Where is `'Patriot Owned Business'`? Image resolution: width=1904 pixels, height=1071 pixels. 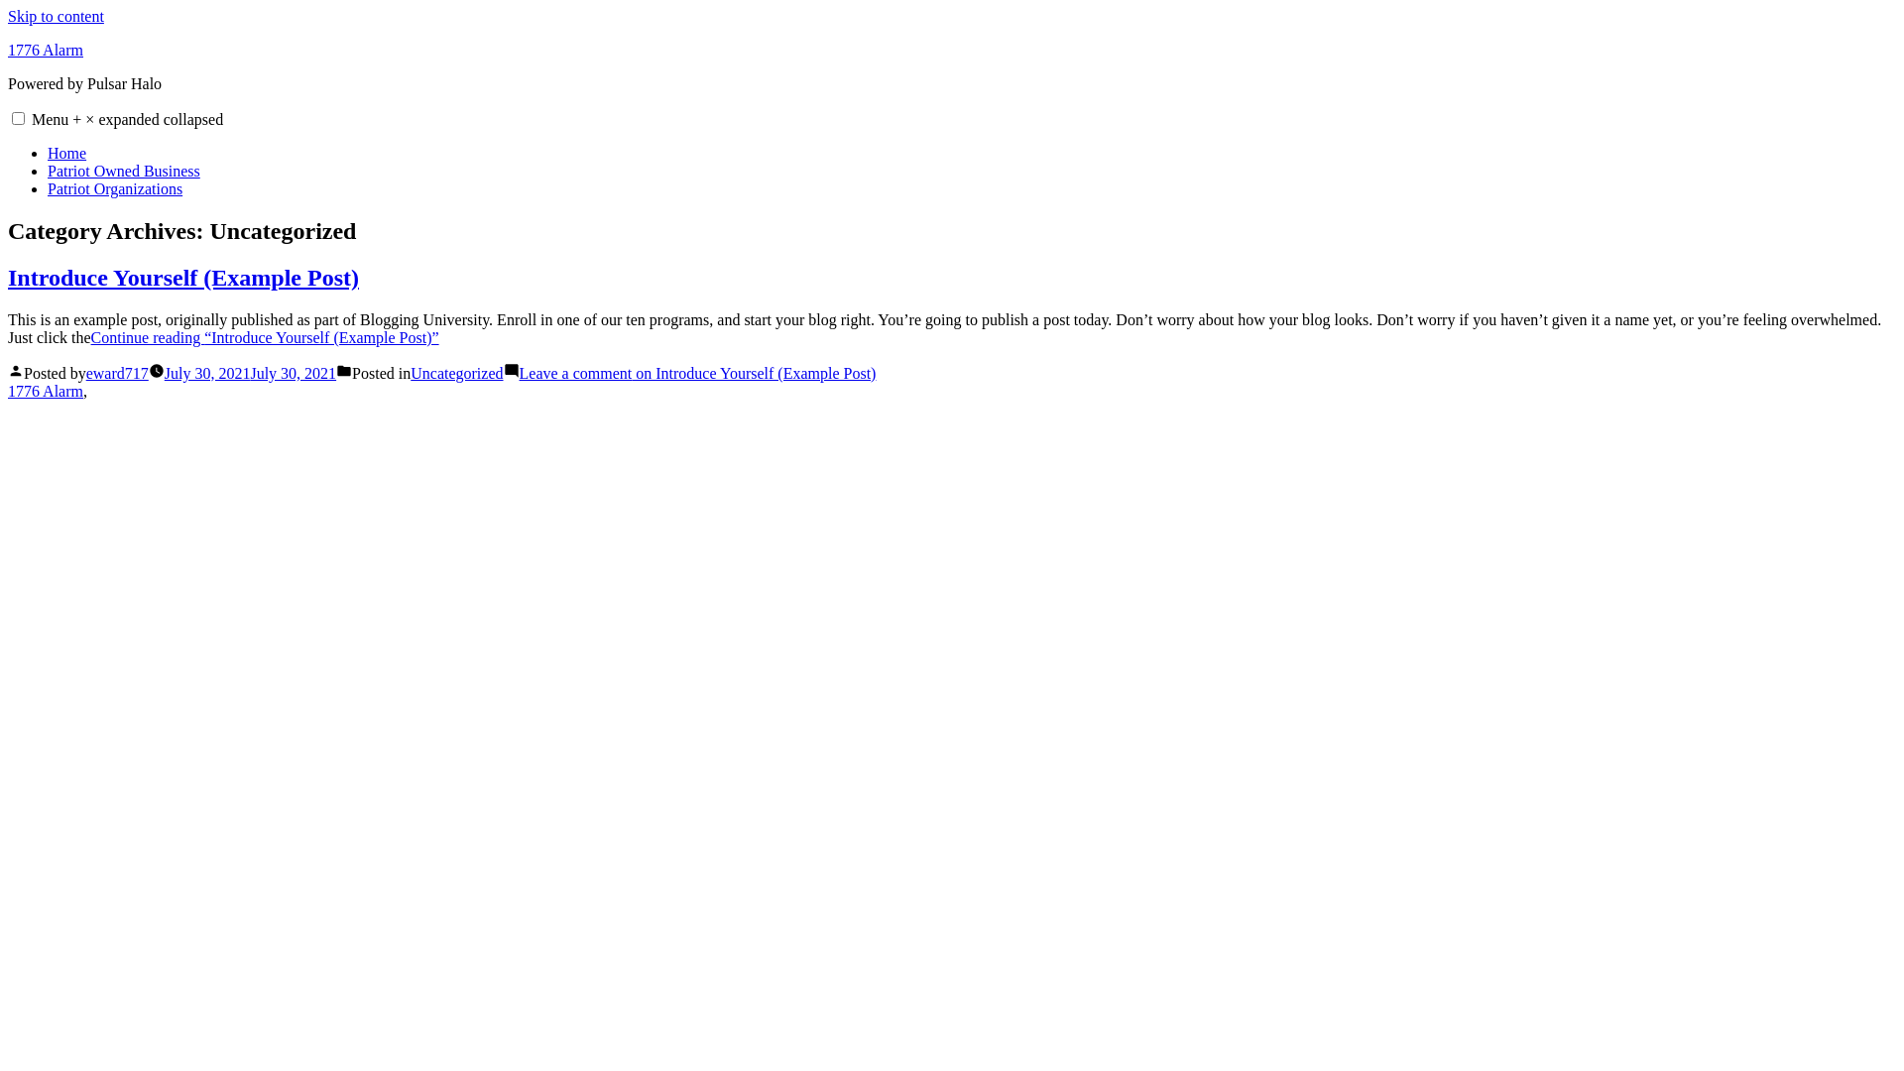
'Patriot Owned Business' is located at coordinates (122, 170).